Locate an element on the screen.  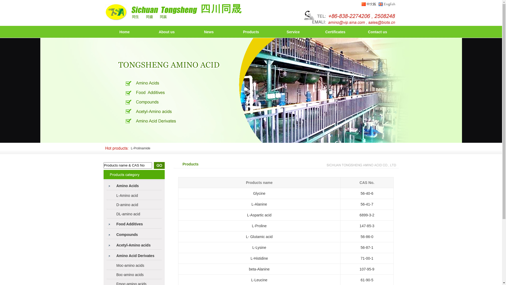
'L-Lysine' is located at coordinates (259, 247).